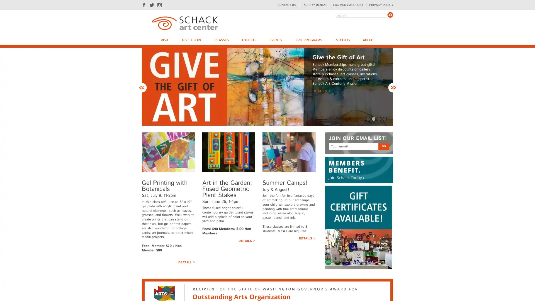  What do you see at coordinates (383, 146) in the screenshot?
I see `Go` at bounding box center [383, 146].